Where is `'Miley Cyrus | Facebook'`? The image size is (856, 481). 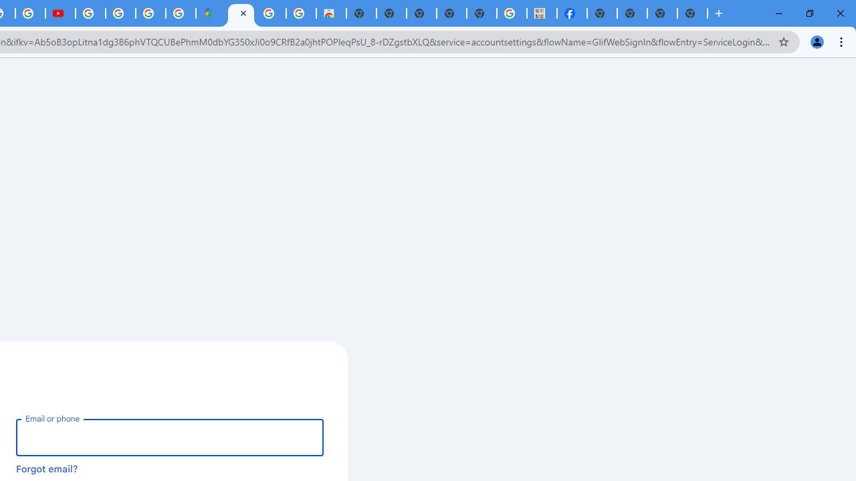
'Miley Cyrus | Facebook' is located at coordinates (572, 13).